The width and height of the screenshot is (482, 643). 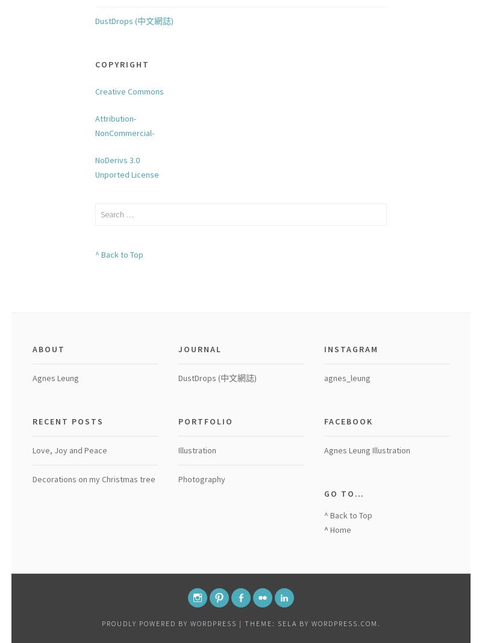 What do you see at coordinates (351, 347) in the screenshot?
I see `'Instagram'` at bounding box center [351, 347].